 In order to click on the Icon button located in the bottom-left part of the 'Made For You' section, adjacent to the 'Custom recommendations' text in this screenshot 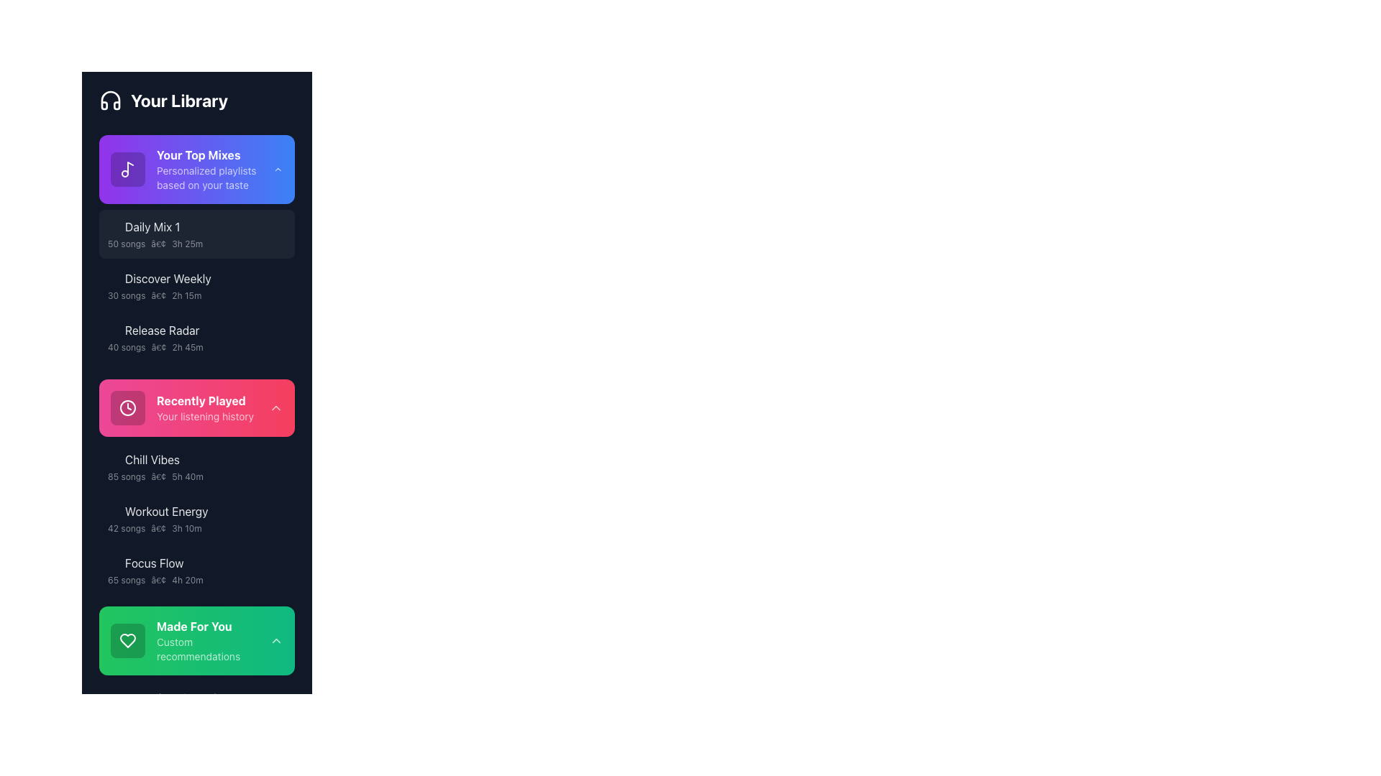, I will do `click(127, 639)`.